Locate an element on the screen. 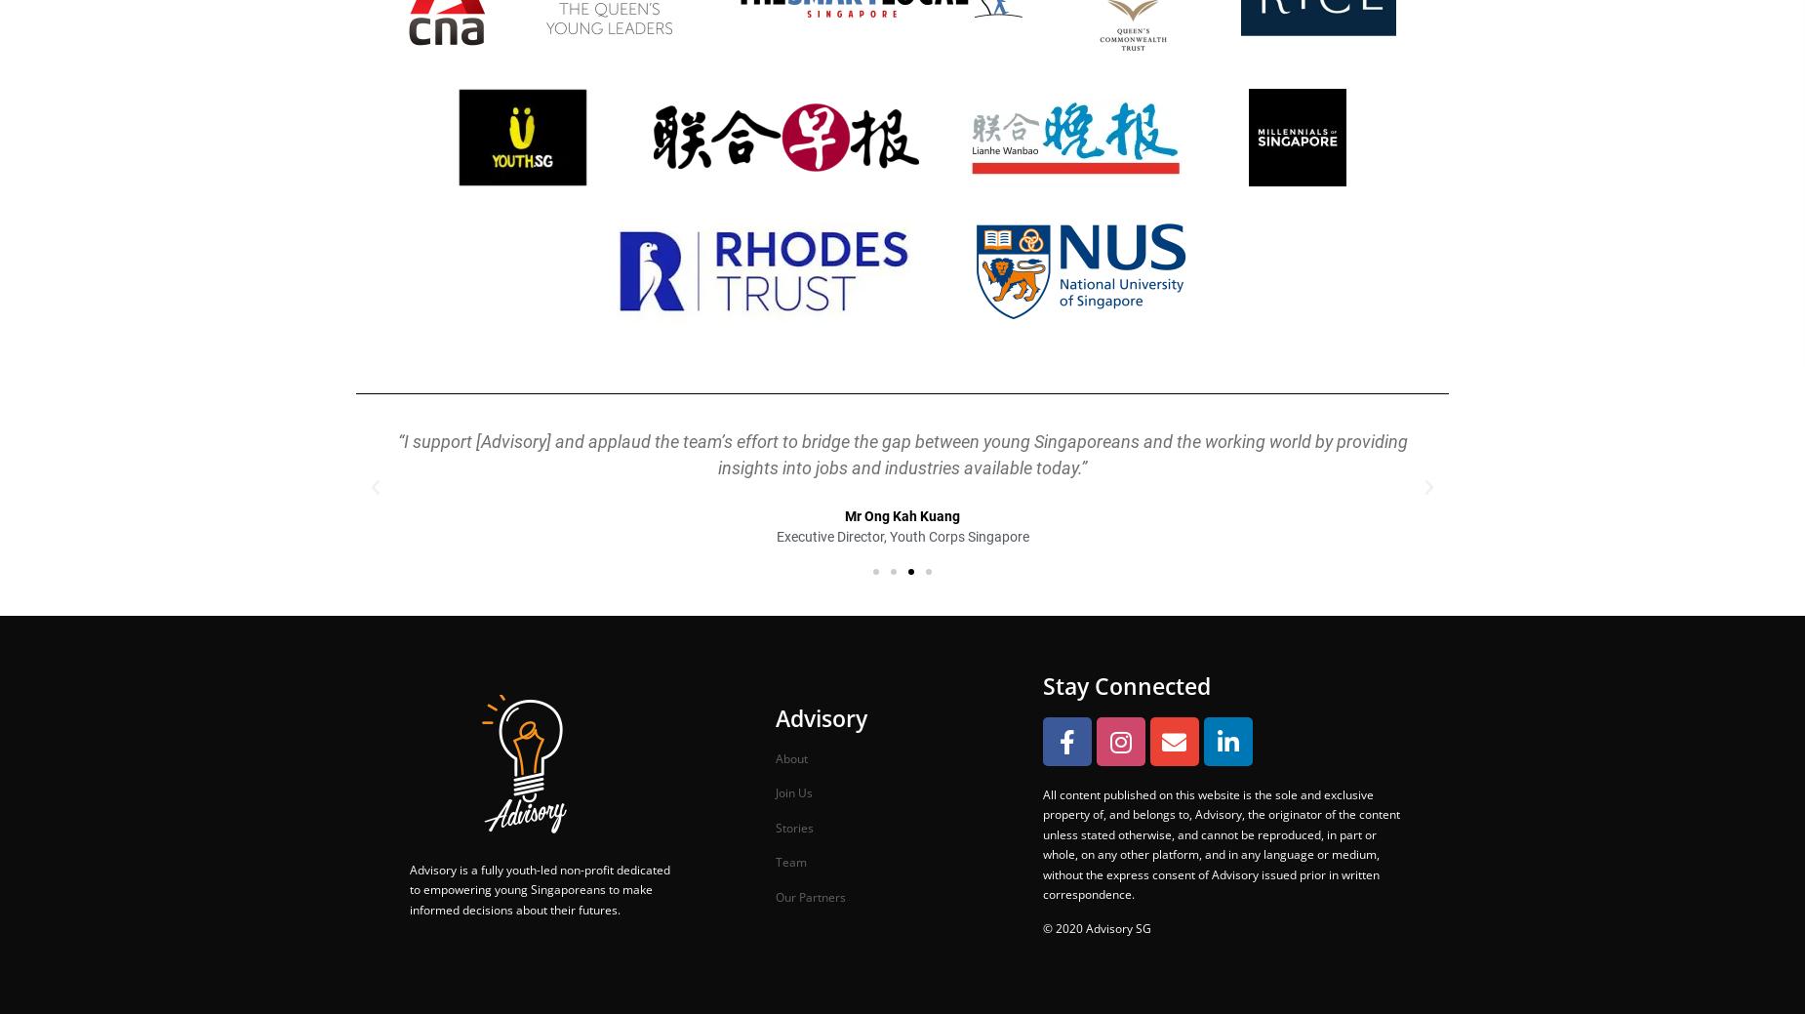 This screenshot has height=1014, width=1805. 'All content published on this website is the sole and exclusive property of, and belongs to, Advisory, the originator of the content unless stated otherwise, and cannot be reproduced, in part or whole, on any other platform, and in any language or medium, without the express consent of Advisory issued prior in written correspondence.' is located at coordinates (1219, 843).